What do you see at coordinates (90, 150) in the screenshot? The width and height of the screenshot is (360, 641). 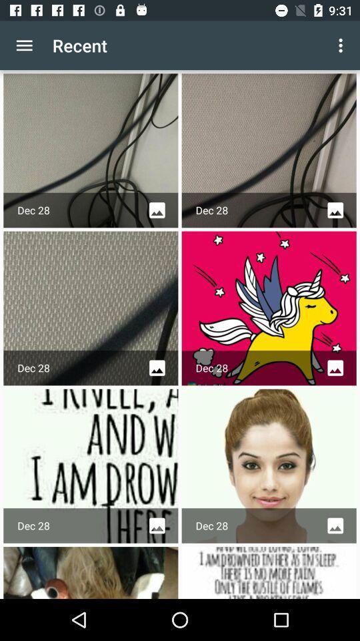 I see `the first image` at bounding box center [90, 150].